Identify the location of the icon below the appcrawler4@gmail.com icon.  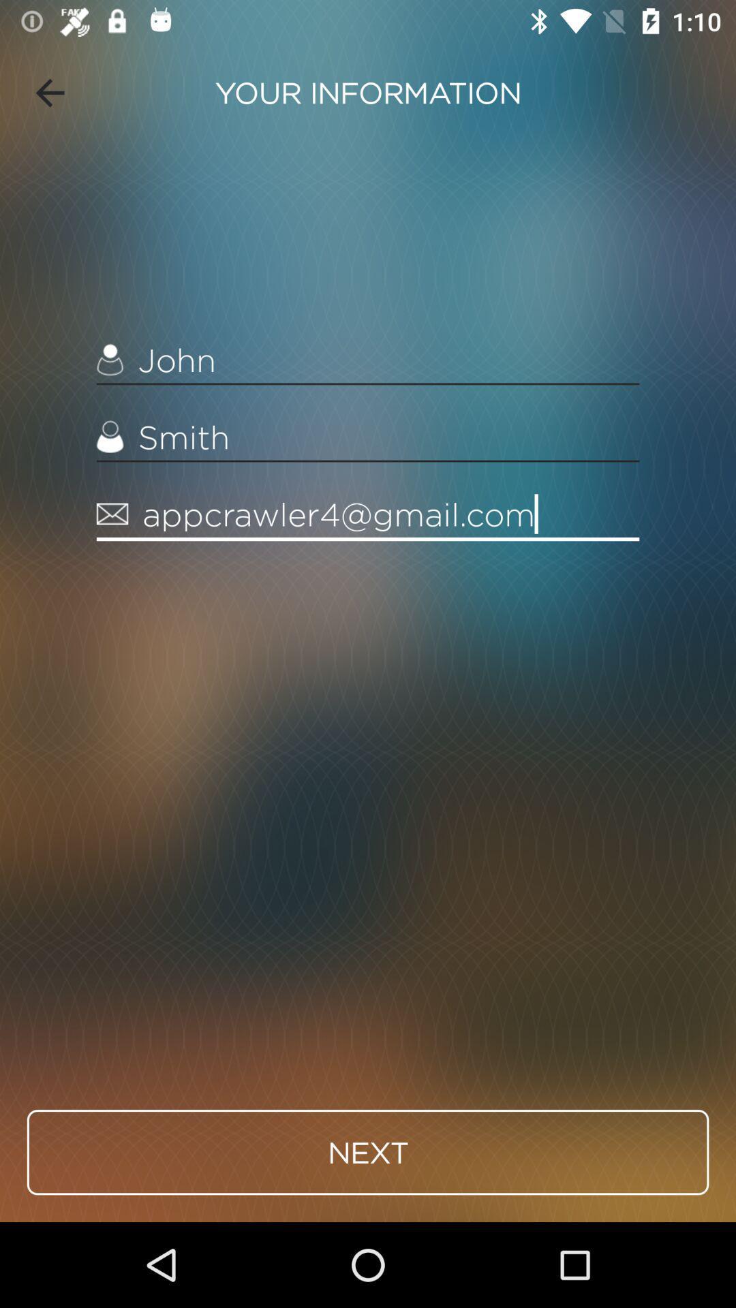
(368, 1151).